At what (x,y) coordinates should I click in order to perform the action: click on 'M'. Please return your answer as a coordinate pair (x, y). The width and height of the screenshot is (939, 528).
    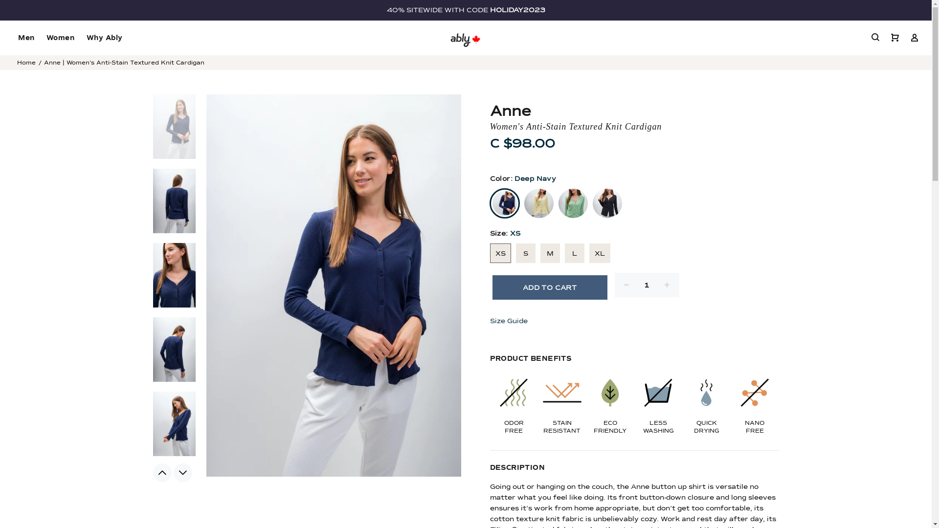
    Looking at the image, I should click on (549, 252).